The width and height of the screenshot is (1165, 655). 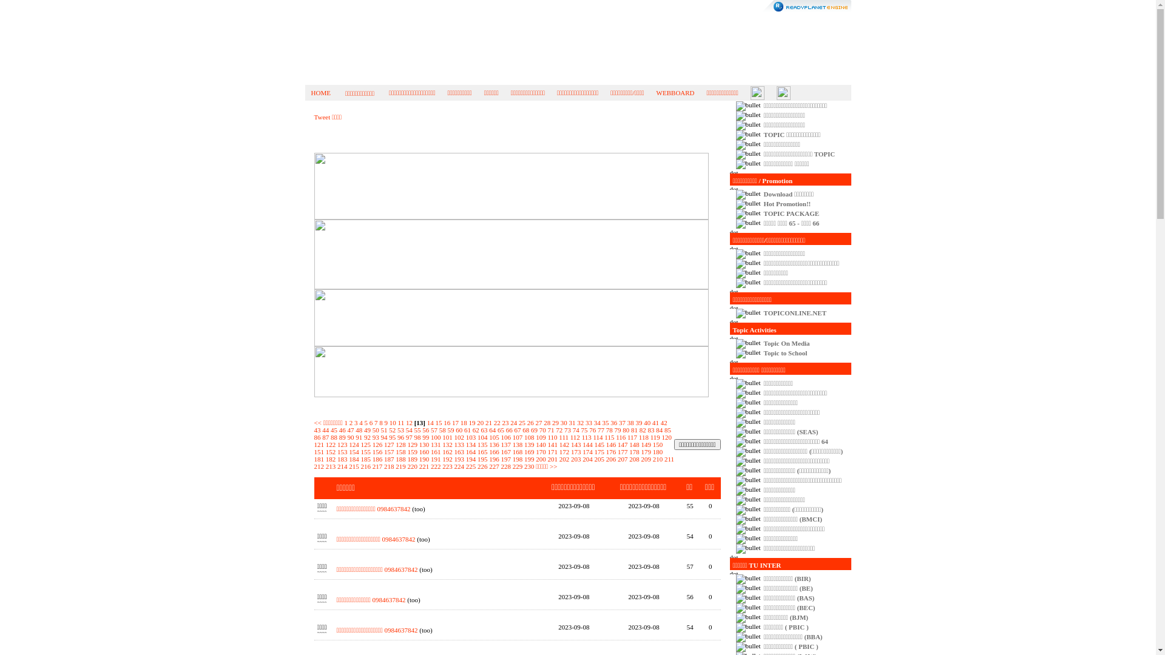 I want to click on '100', so click(x=431, y=437).